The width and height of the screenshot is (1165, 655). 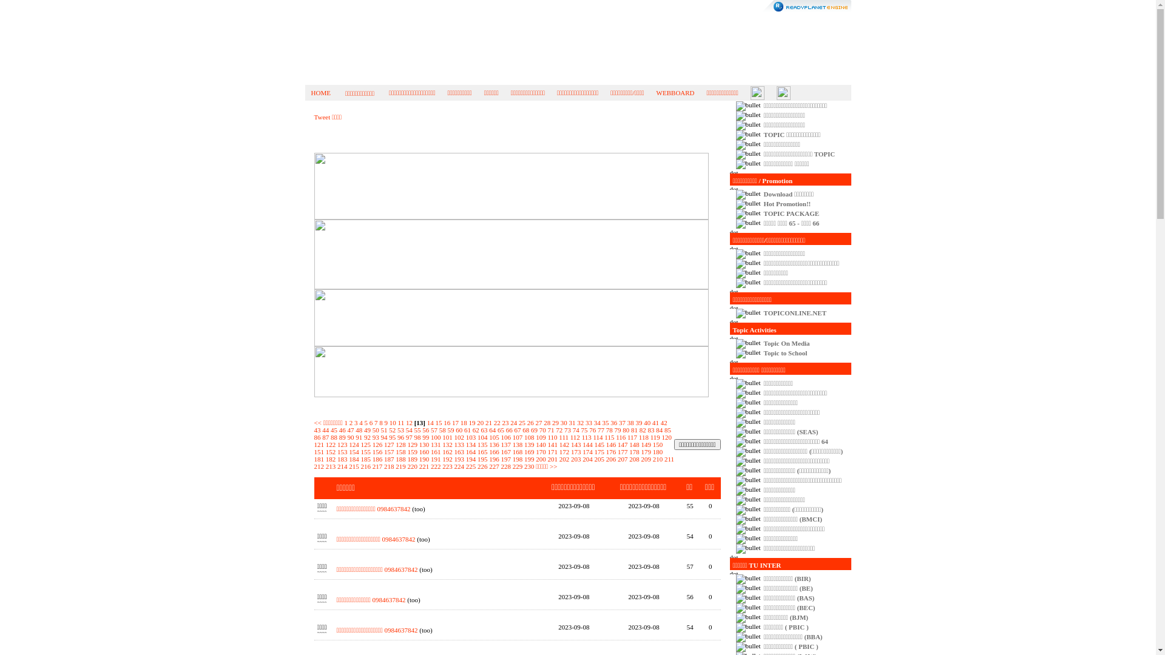 I want to click on '100', so click(x=431, y=437).